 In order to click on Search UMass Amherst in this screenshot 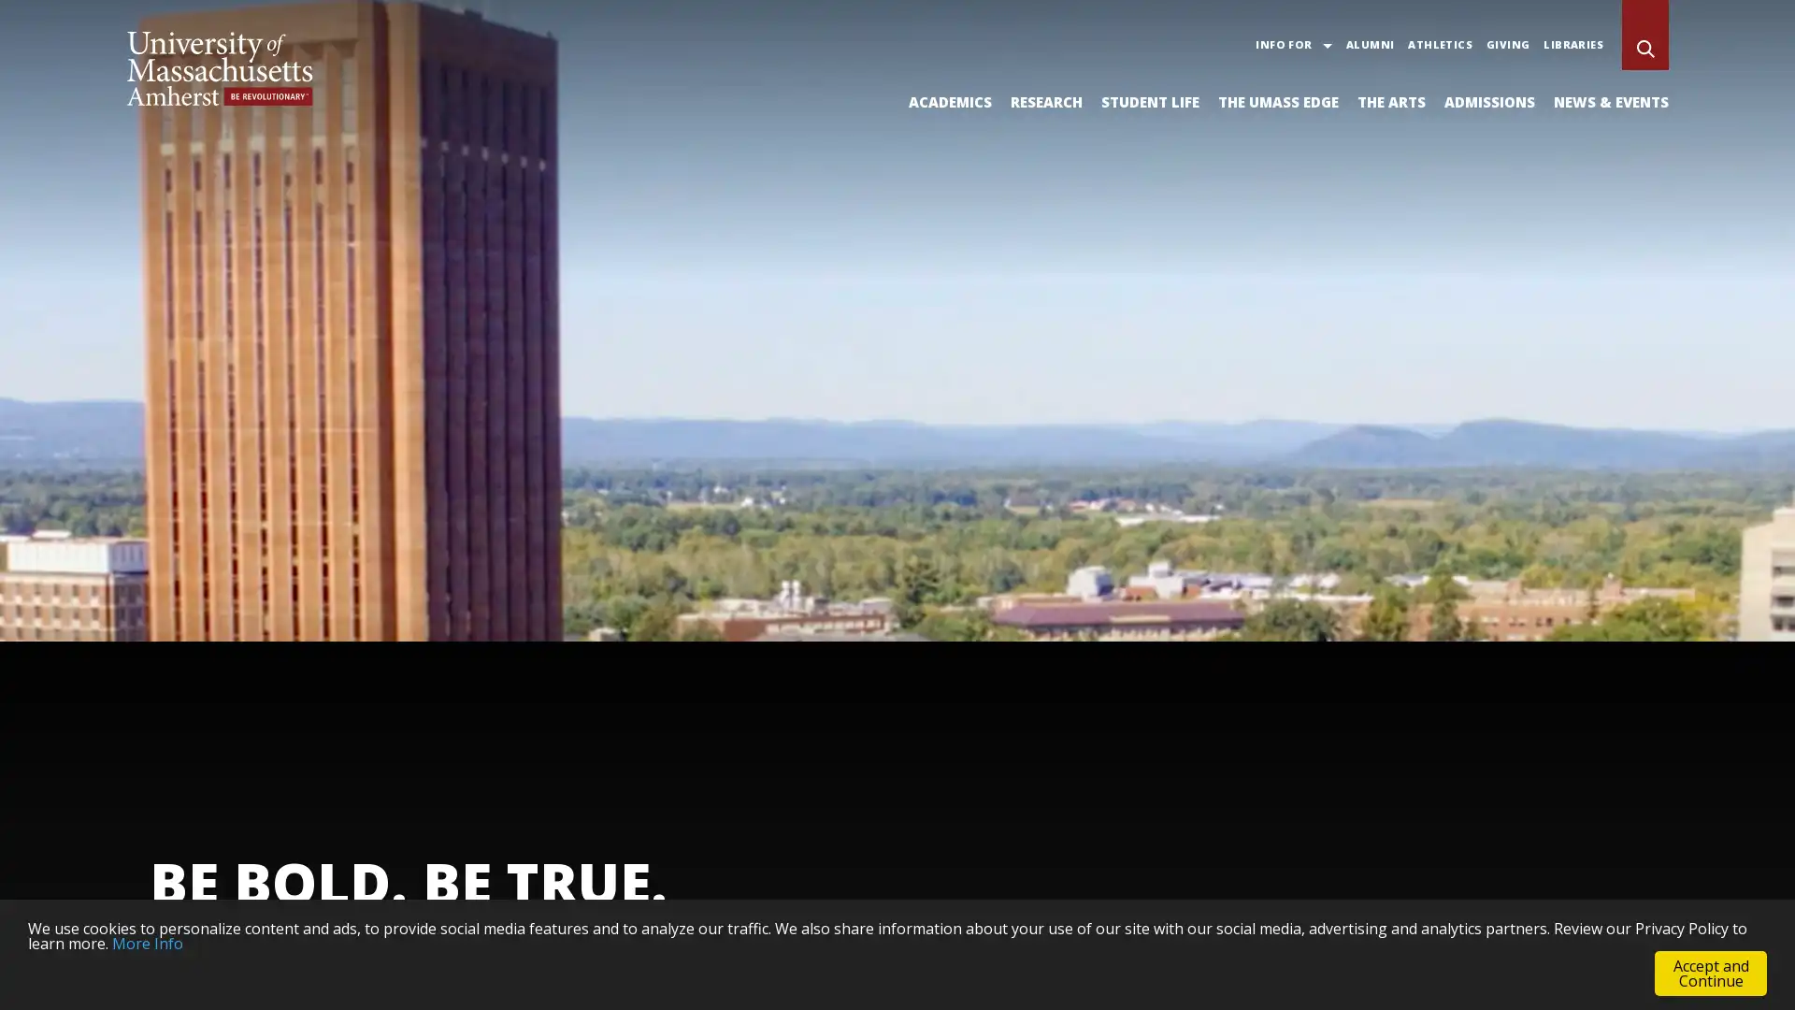, I will do `click(1645, 50)`.